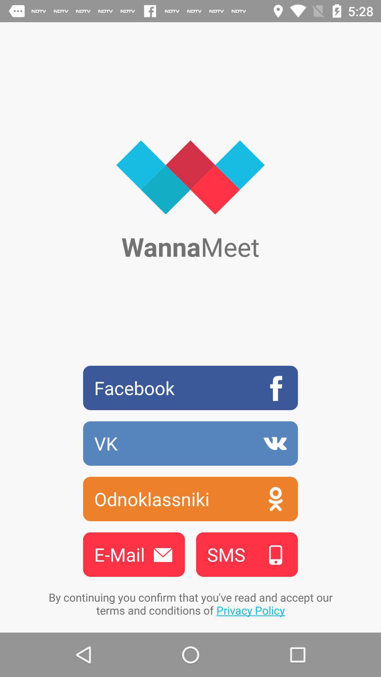  What do you see at coordinates (134, 554) in the screenshot?
I see `item next to sms icon` at bounding box center [134, 554].